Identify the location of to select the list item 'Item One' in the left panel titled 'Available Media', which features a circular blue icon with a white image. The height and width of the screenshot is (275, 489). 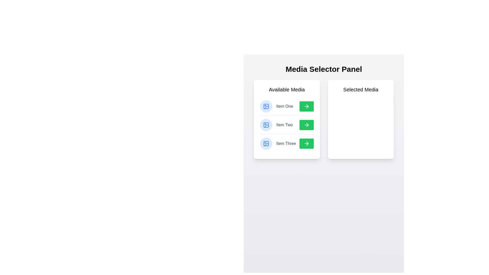
(276, 106).